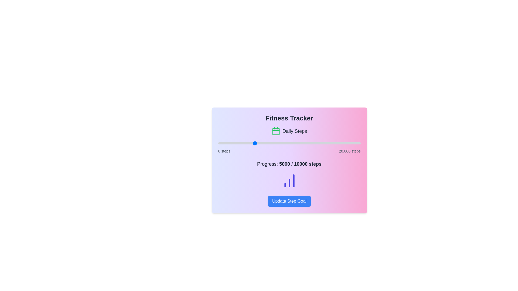  Describe the element at coordinates (286, 143) in the screenshot. I see `the step progress slider to set the step count to 9527` at that location.